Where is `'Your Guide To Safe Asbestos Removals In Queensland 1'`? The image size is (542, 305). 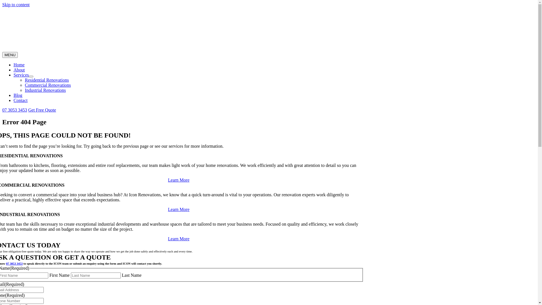 'Your Guide To Safe Asbestos Removals In Queensland 1' is located at coordinates (2, 29).